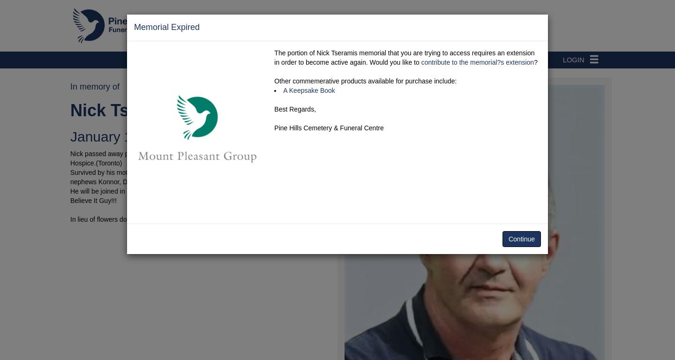 Image resolution: width=675 pixels, height=360 pixels. Describe the element at coordinates (124, 136) in the screenshot. I see `'January 14, 1965'` at that location.